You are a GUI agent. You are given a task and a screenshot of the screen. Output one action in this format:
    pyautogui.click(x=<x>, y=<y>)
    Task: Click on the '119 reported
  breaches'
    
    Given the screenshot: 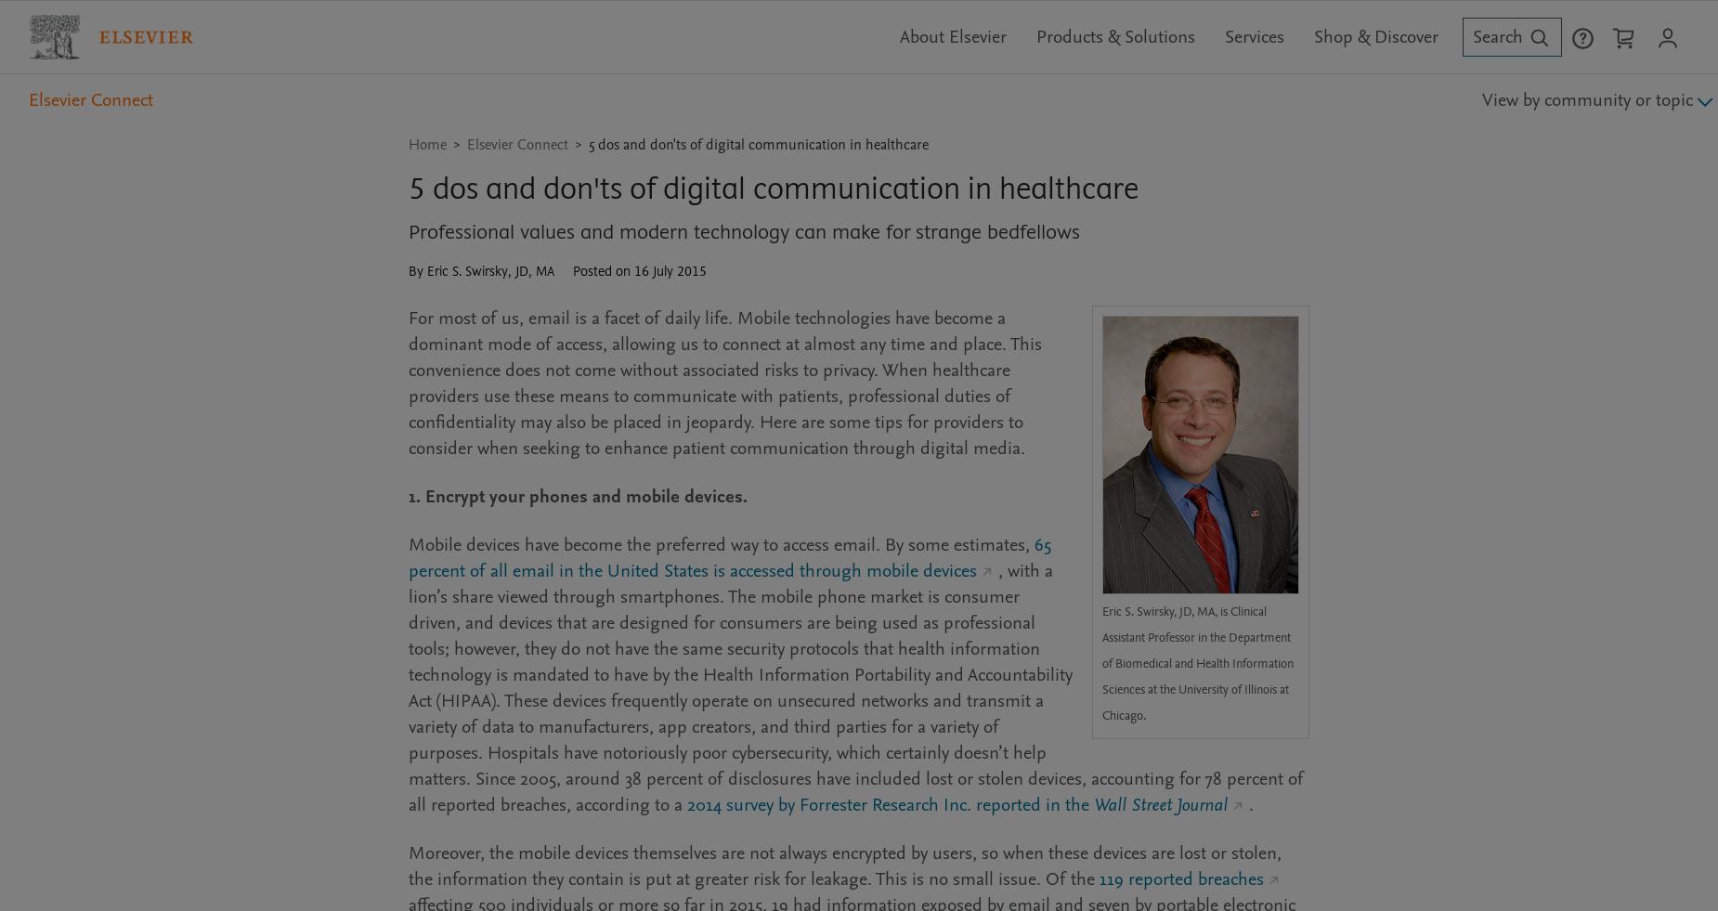 What is the action you would take?
    pyautogui.click(x=1180, y=878)
    